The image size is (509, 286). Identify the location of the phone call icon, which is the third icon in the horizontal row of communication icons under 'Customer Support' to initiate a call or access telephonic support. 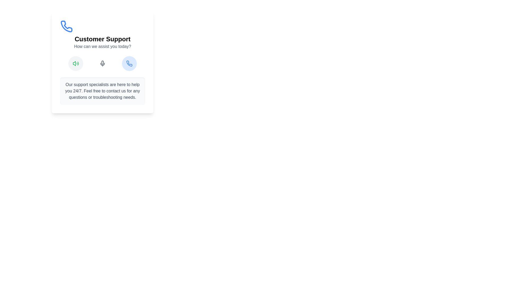
(66, 26).